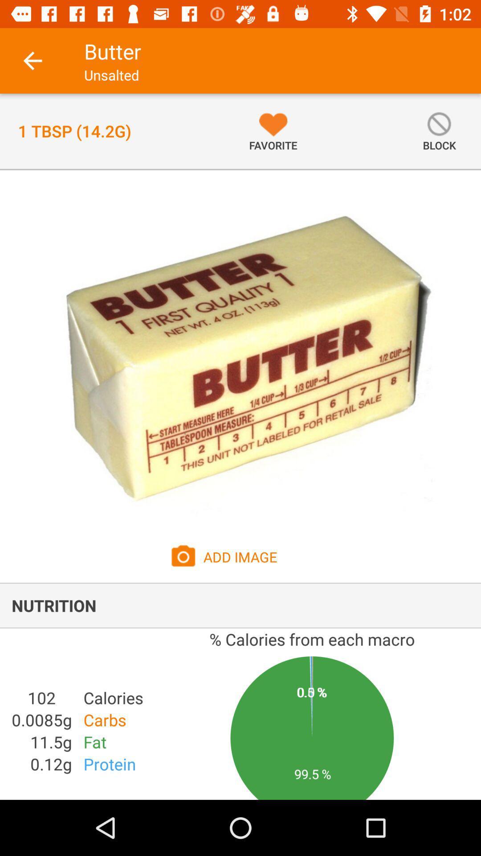 This screenshot has width=481, height=856. Describe the element at coordinates (183, 556) in the screenshot. I see `camera icon which is beside add image` at that location.